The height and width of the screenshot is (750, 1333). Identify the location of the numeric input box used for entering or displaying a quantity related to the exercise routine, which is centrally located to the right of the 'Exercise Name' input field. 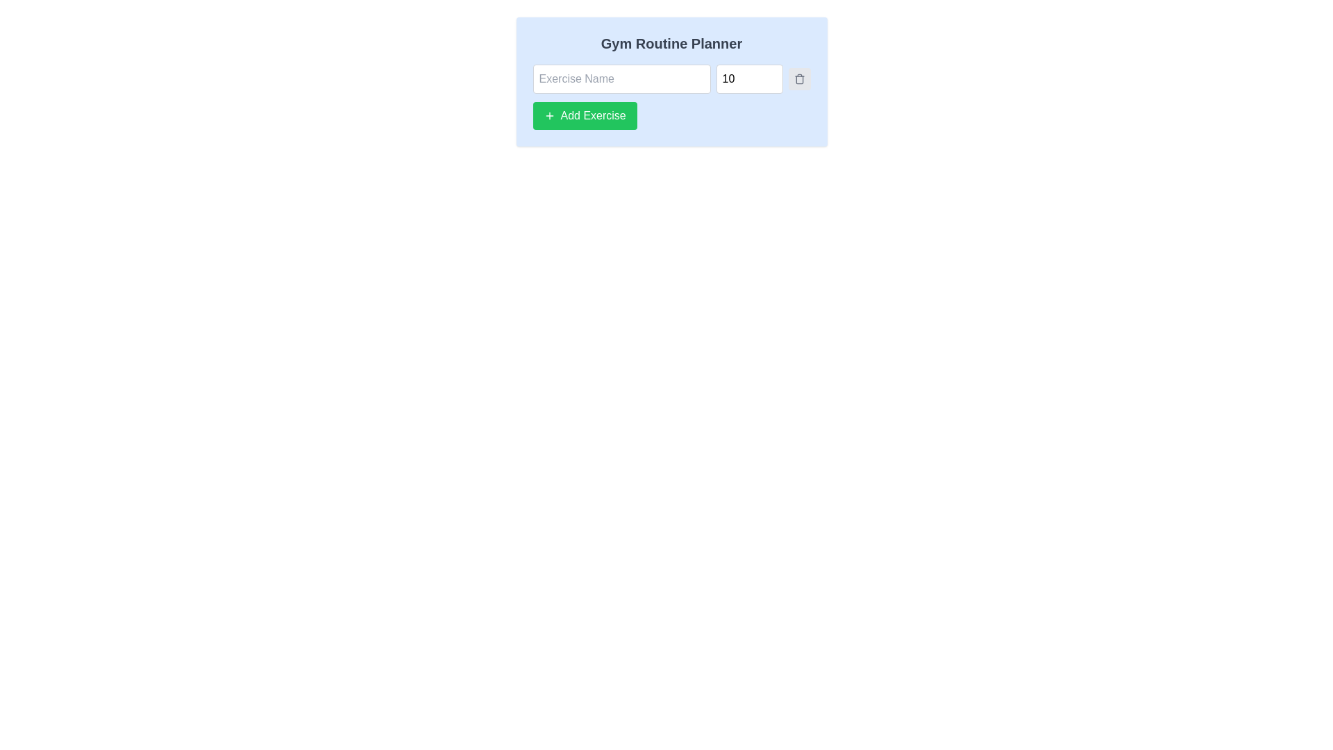
(748, 79).